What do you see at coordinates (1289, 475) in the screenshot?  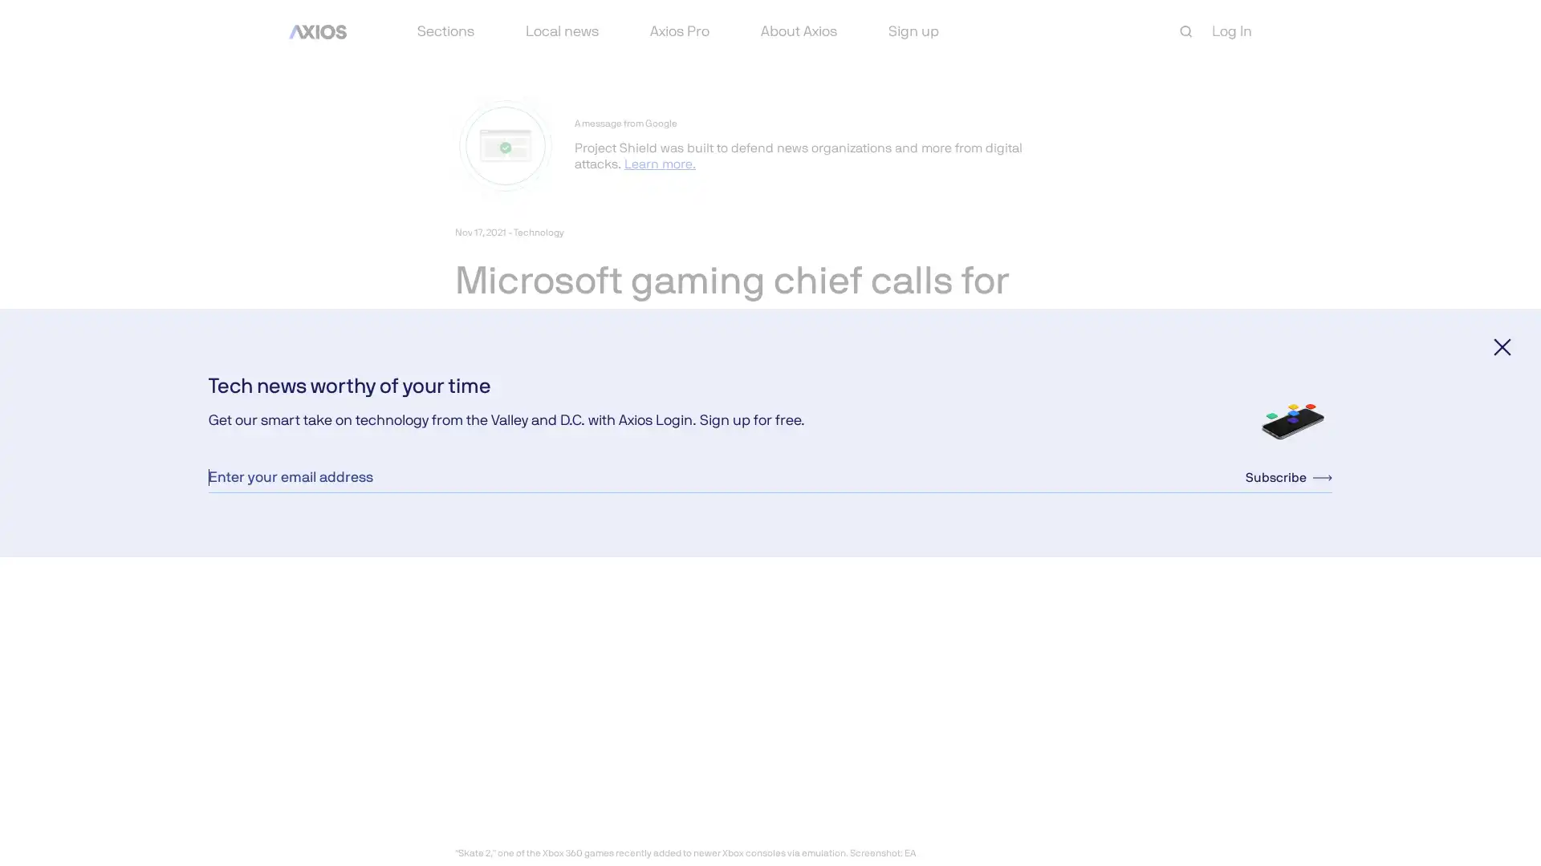 I see `Subscribe` at bounding box center [1289, 475].